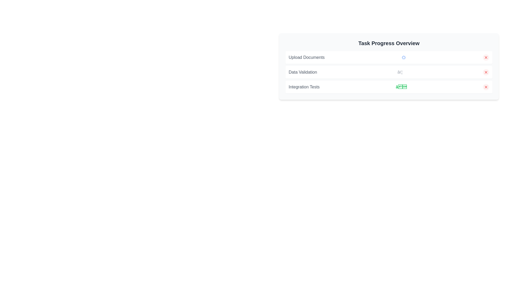 The width and height of the screenshot is (508, 285). I want to click on the small red cross icon with a line style design located in the top-right corner of the 'Task Progress Overview' panel, corresponding, so click(486, 87).